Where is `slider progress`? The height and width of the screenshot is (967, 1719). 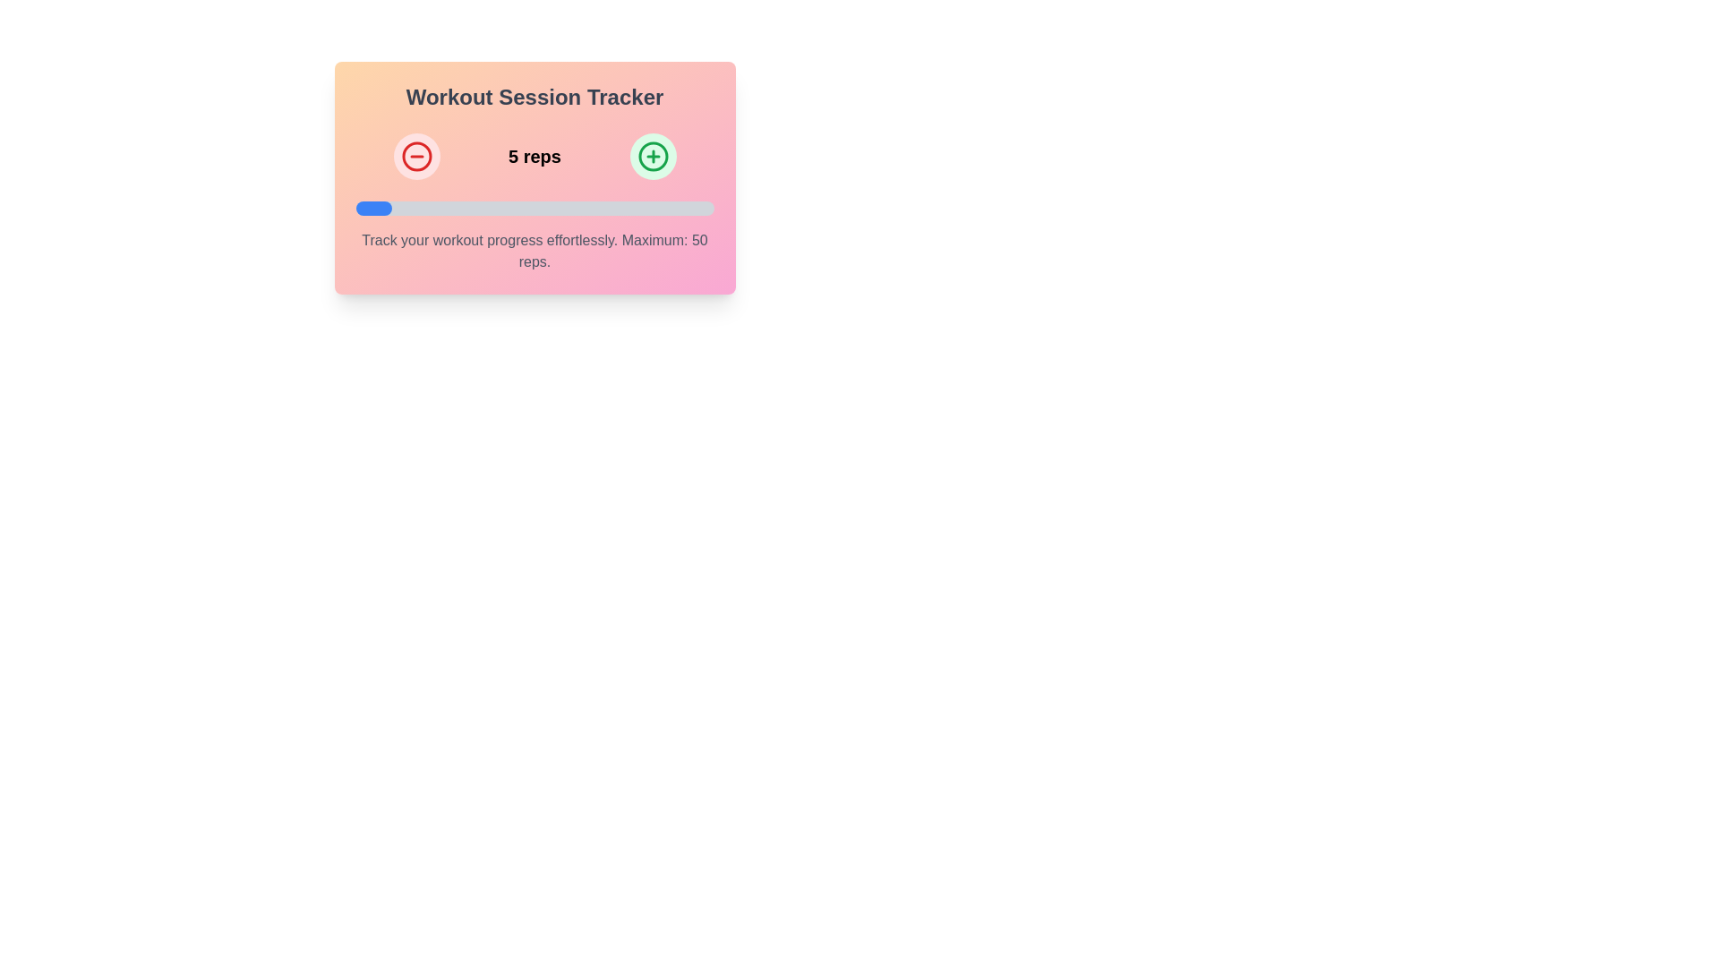 slider progress is located at coordinates (552, 207).